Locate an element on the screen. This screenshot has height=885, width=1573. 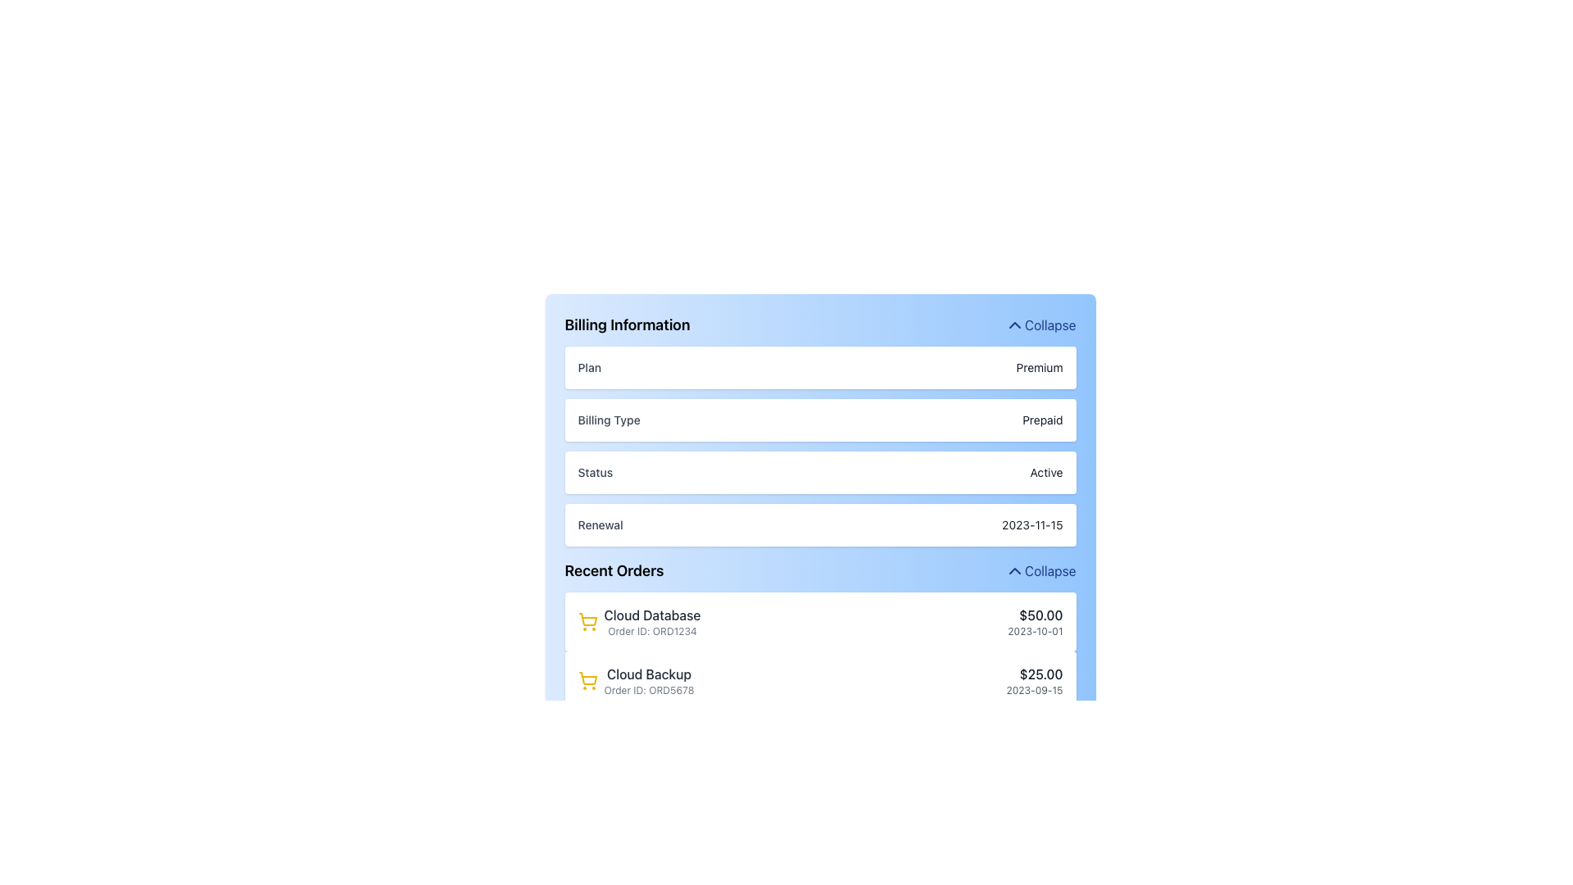
the 'Active' text label, which is styled in grayish black color and positioned on the right end of the 'Status' block under the 'Billing Information' section is located at coordinates (1045, 473).